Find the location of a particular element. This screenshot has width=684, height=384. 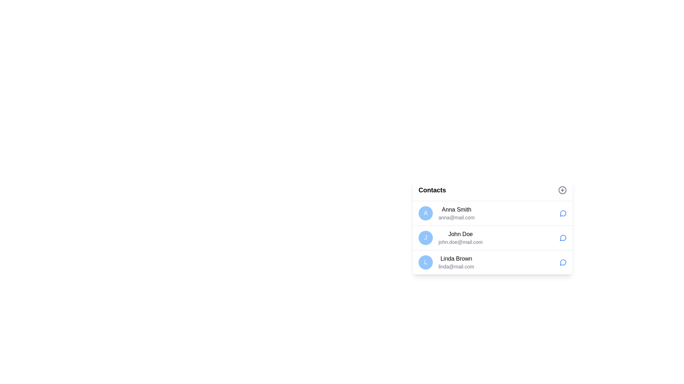

the circular boundary surrounding the plus icon in the top-right corner of the contacts panel is located at coordinates (562, 190).